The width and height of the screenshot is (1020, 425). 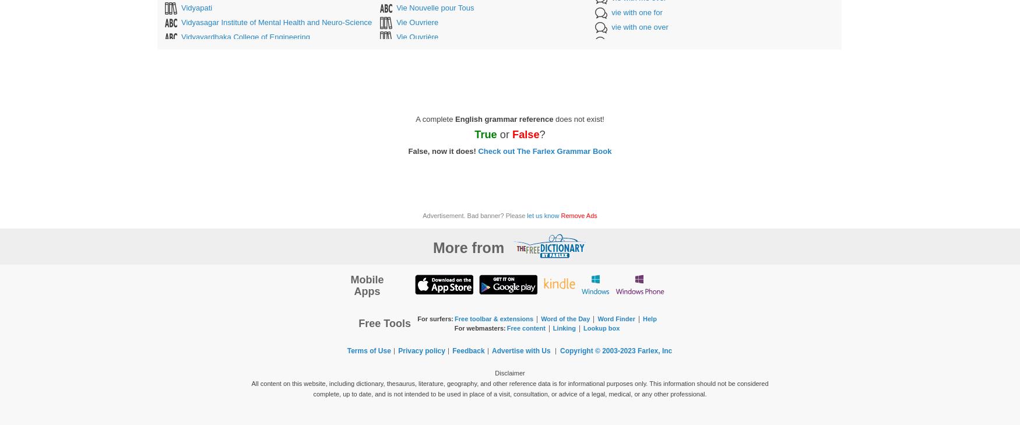 I want to click on 'For webmasters:', so click(x=480, y=327).